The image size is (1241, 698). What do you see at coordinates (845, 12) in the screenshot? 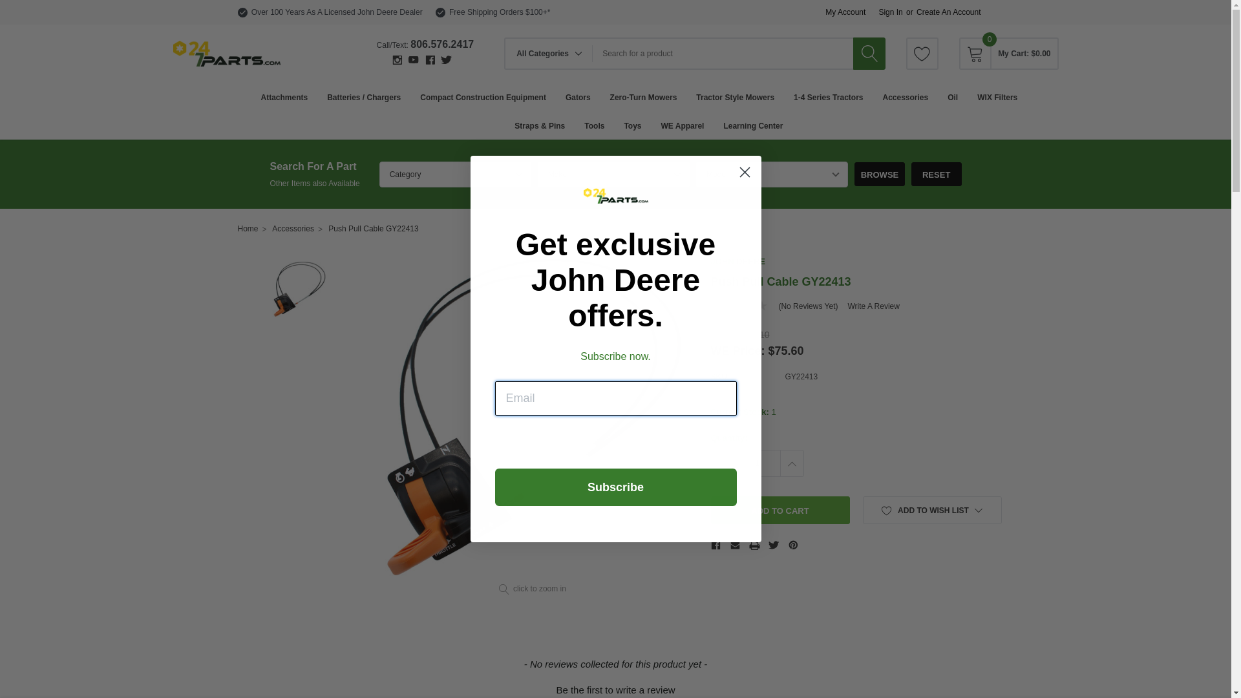
I see `'My Account'` at bounding box center [845, 12].